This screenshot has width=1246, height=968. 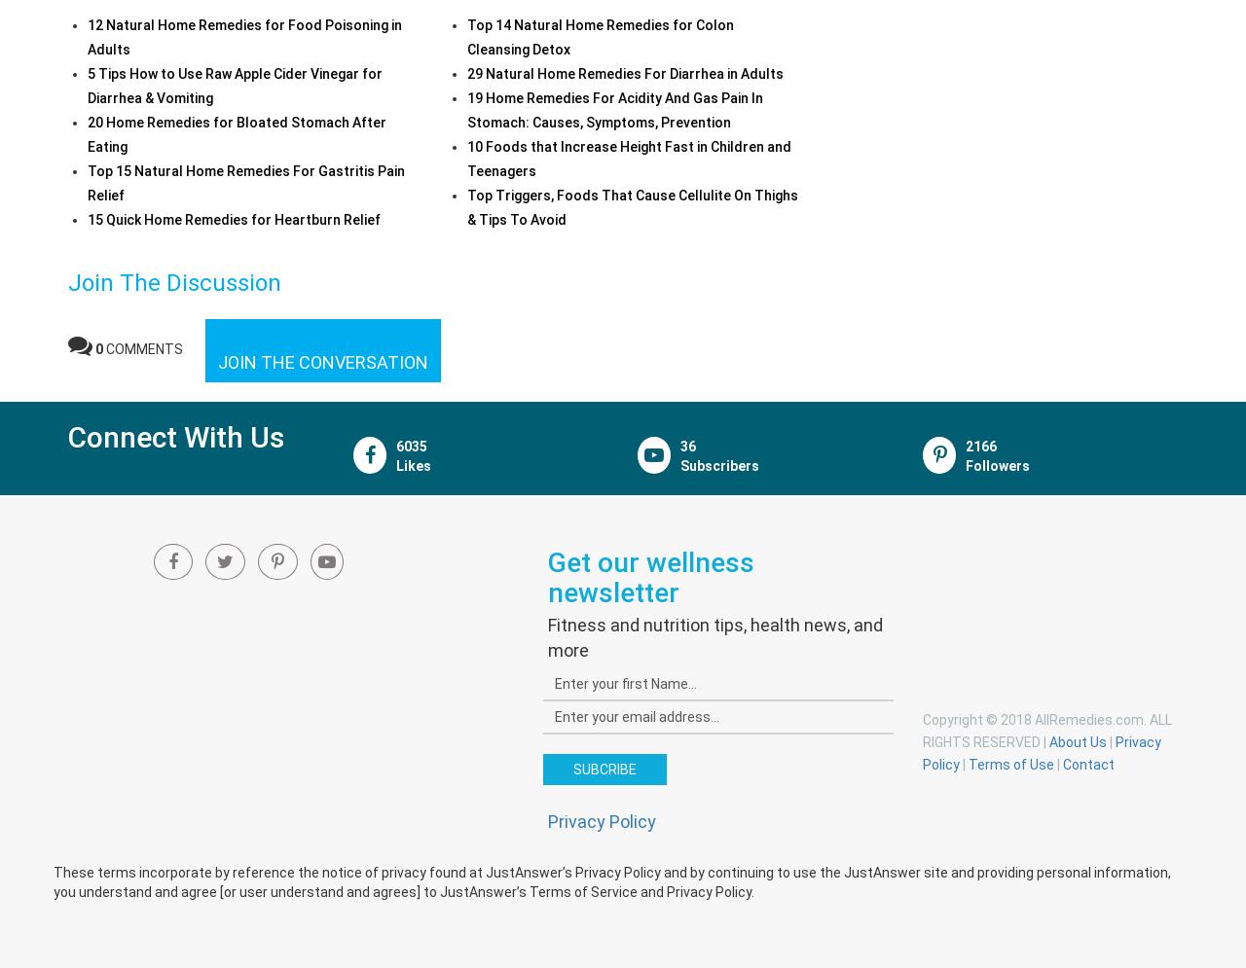 What do you see at coordinates (1076, 739) in the screenshot?
I see `'About Us'` at bounding box center [1076, 739].